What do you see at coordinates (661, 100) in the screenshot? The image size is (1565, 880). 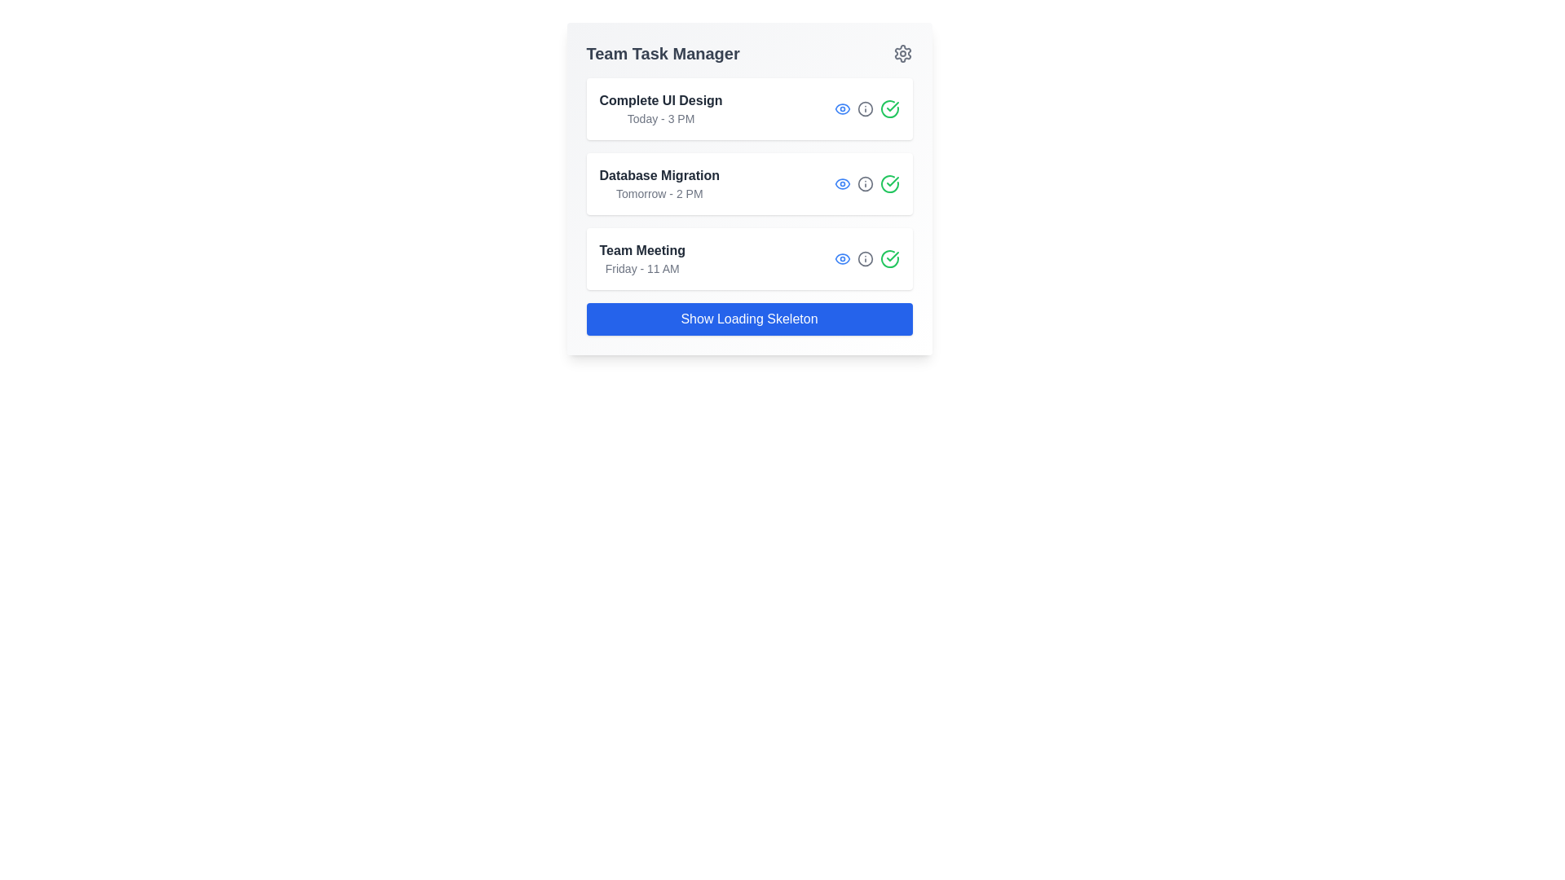 I see `the static label displaying the title of the task within the first task card in the task manager interface` at bounding box center [661, 100].